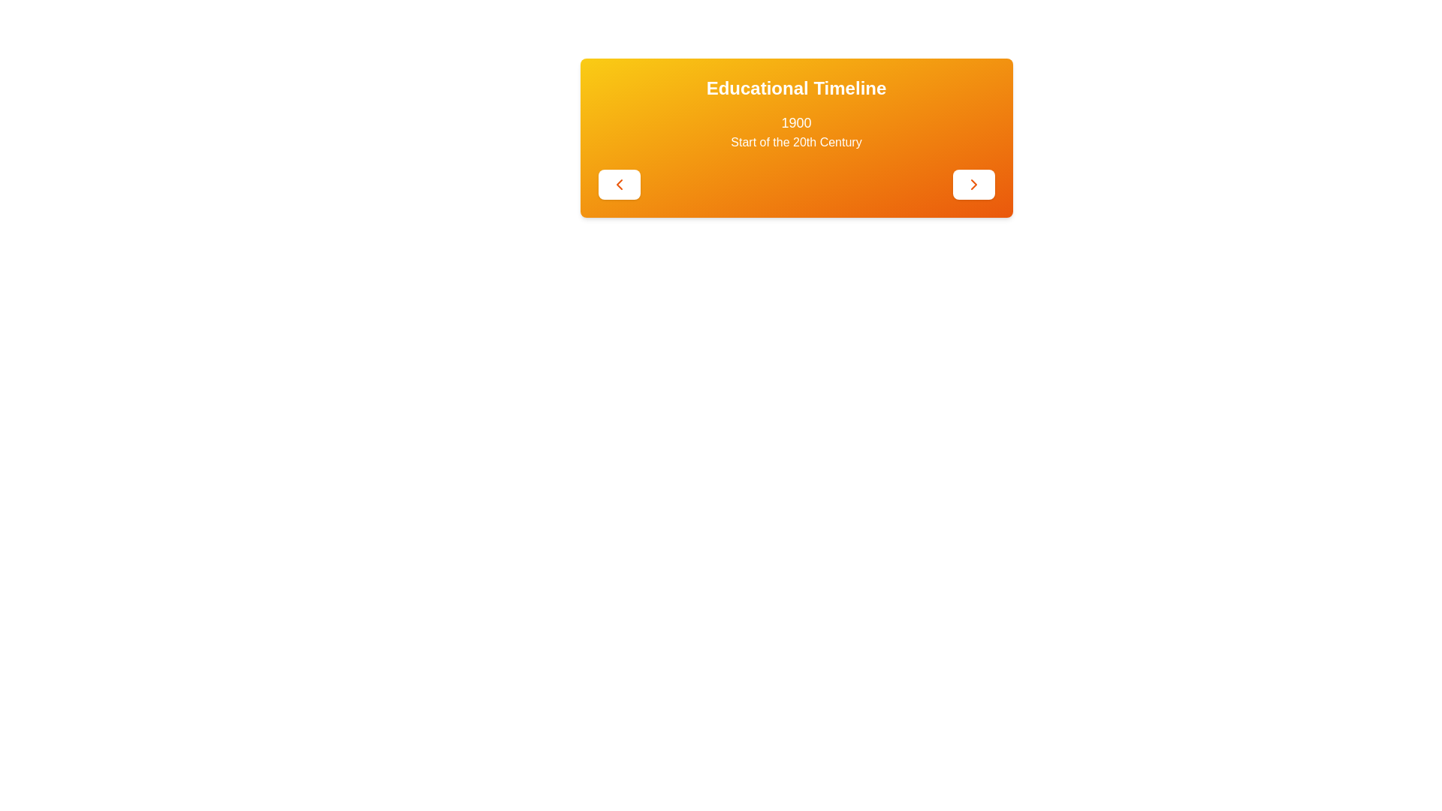 This screenshot has height=811, width=1442. I want to click on the text label displaying '1900' and 'Start of the 20th Century', which is centered within an orange gradient box, so click(795, 131).